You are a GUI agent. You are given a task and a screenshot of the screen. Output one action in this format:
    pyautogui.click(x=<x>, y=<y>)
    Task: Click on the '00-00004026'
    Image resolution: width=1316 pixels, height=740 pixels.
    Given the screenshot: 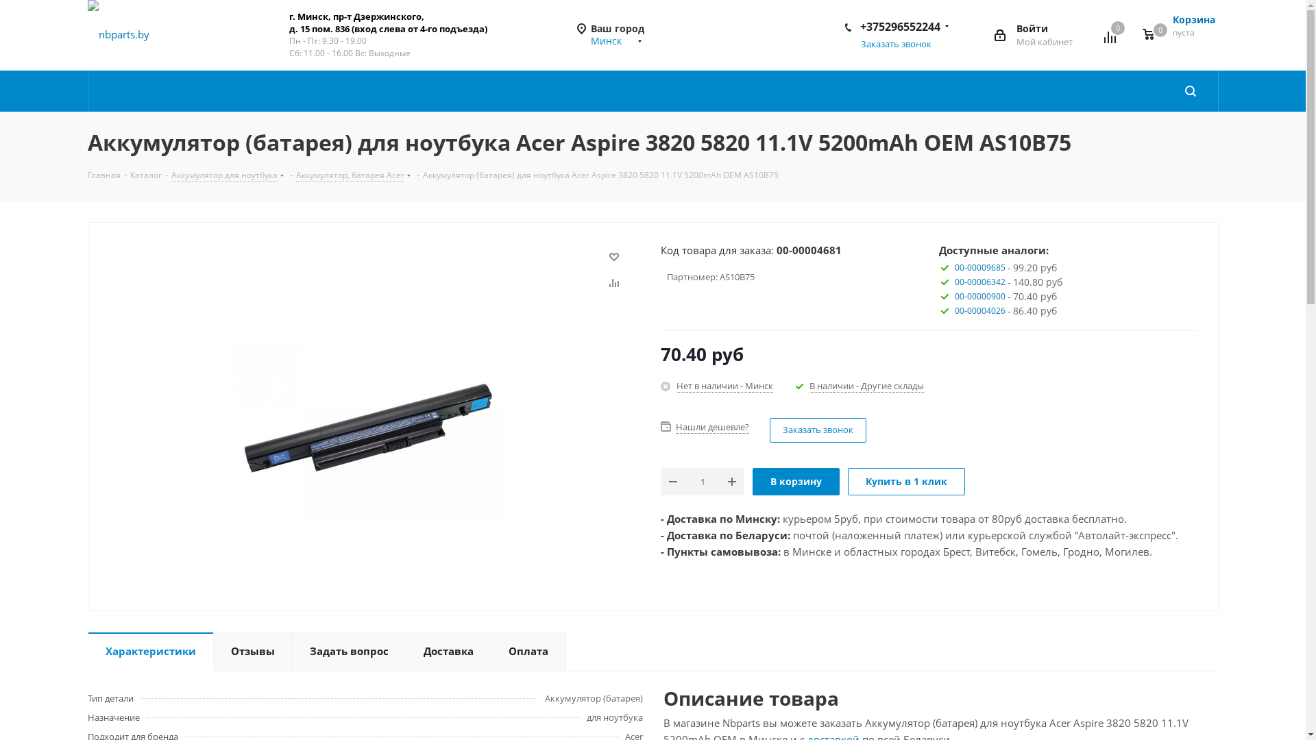 What is the action you would take?
    pyautogui.click(x=979, y=310)
    